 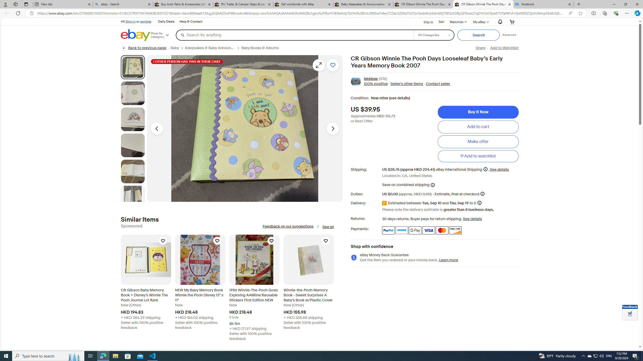 What do you see at coordinates (376, 84) in the screenshot?
I see `'100% positive'` at bounding box center [376, 84].